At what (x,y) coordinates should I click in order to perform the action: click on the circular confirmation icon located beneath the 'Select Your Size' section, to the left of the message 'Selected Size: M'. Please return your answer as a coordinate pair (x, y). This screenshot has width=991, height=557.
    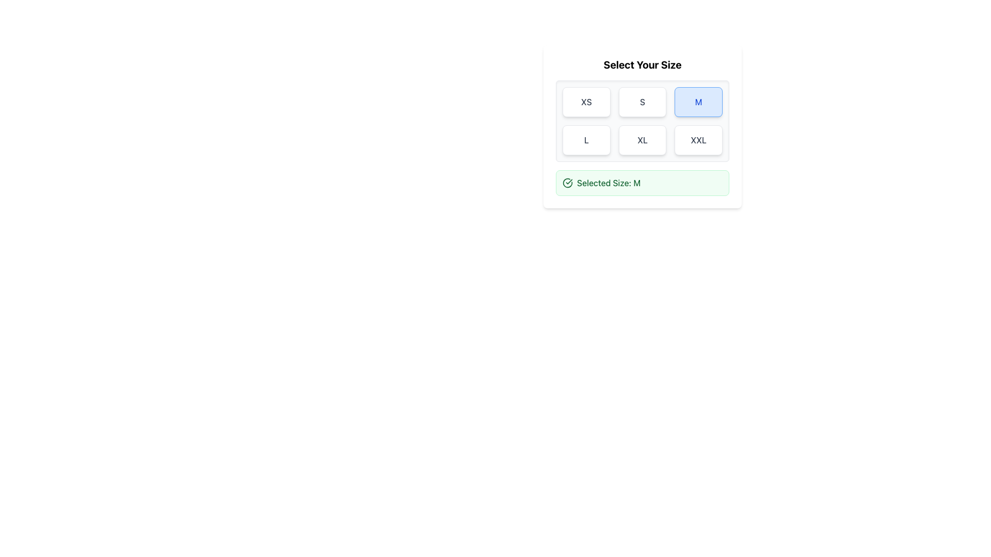
    Looking at the image, I should click on (567, 182).